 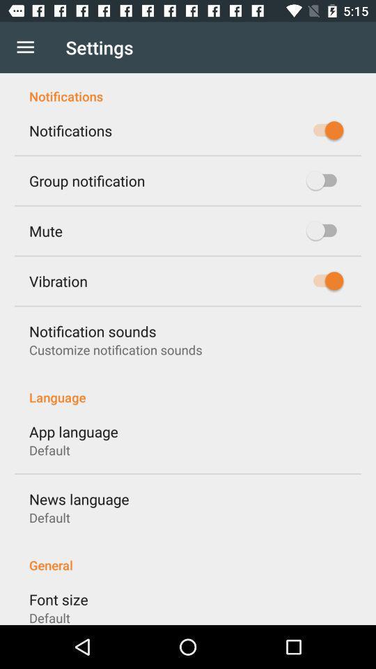 I want to click on the icon above the vibration icon, so click(x=45, y=231).